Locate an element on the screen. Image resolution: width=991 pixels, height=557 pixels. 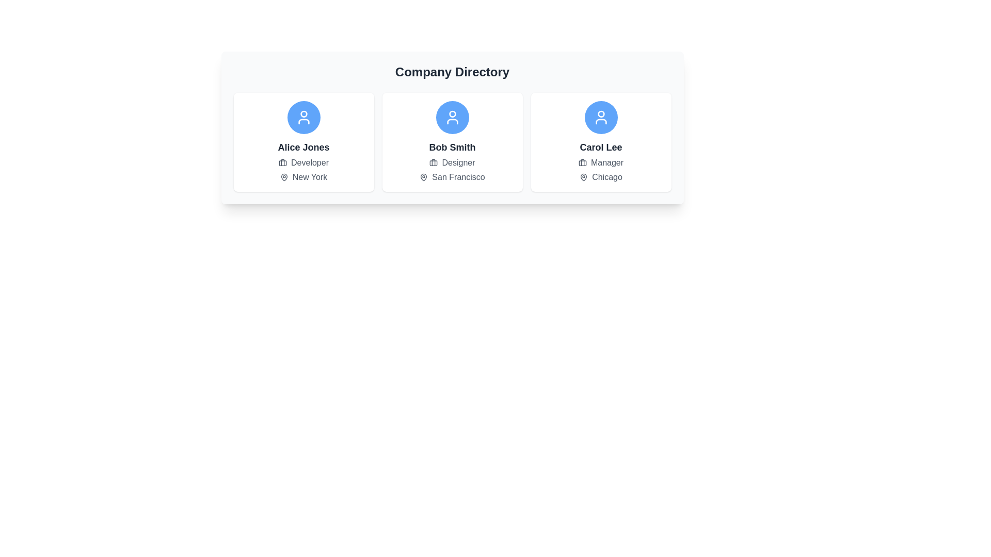
the circular shape inside the user avatar icon for 'Bob Smith' located in the Company Directory section is located at coordinates (452, 114).